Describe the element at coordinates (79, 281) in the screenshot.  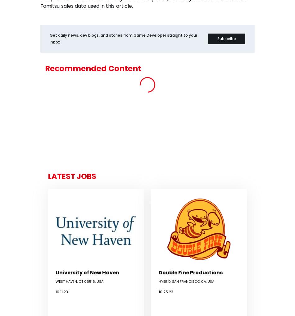
I see `'West Haven, CT 06516, USA'` at that location.